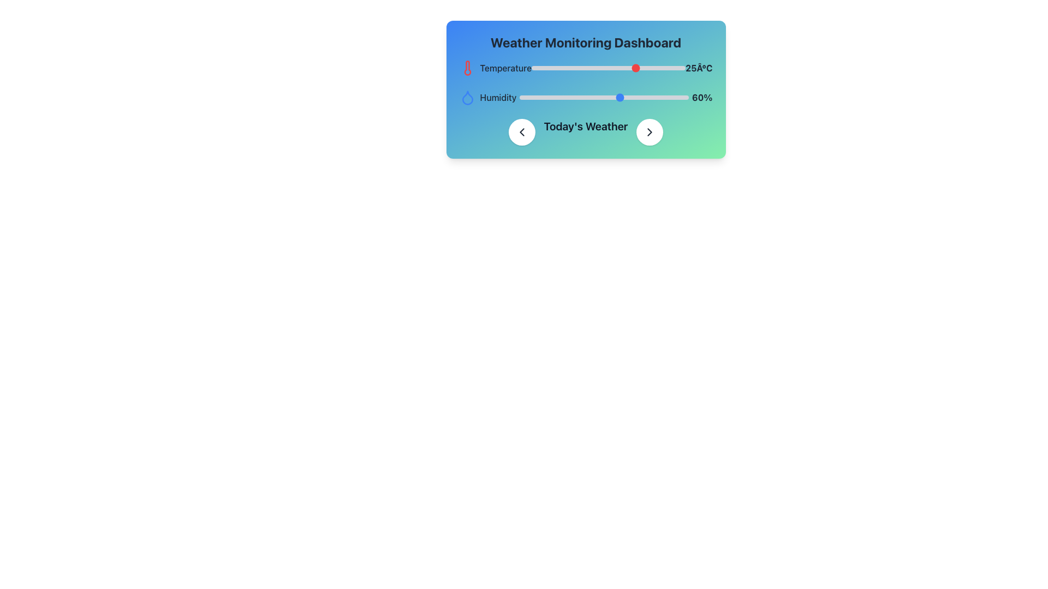 This screenshot has height=589, width=1048. What do you see at coordinates (550, 97) in the screenshot?
I see `humidity` at bounding box center [550, 97].